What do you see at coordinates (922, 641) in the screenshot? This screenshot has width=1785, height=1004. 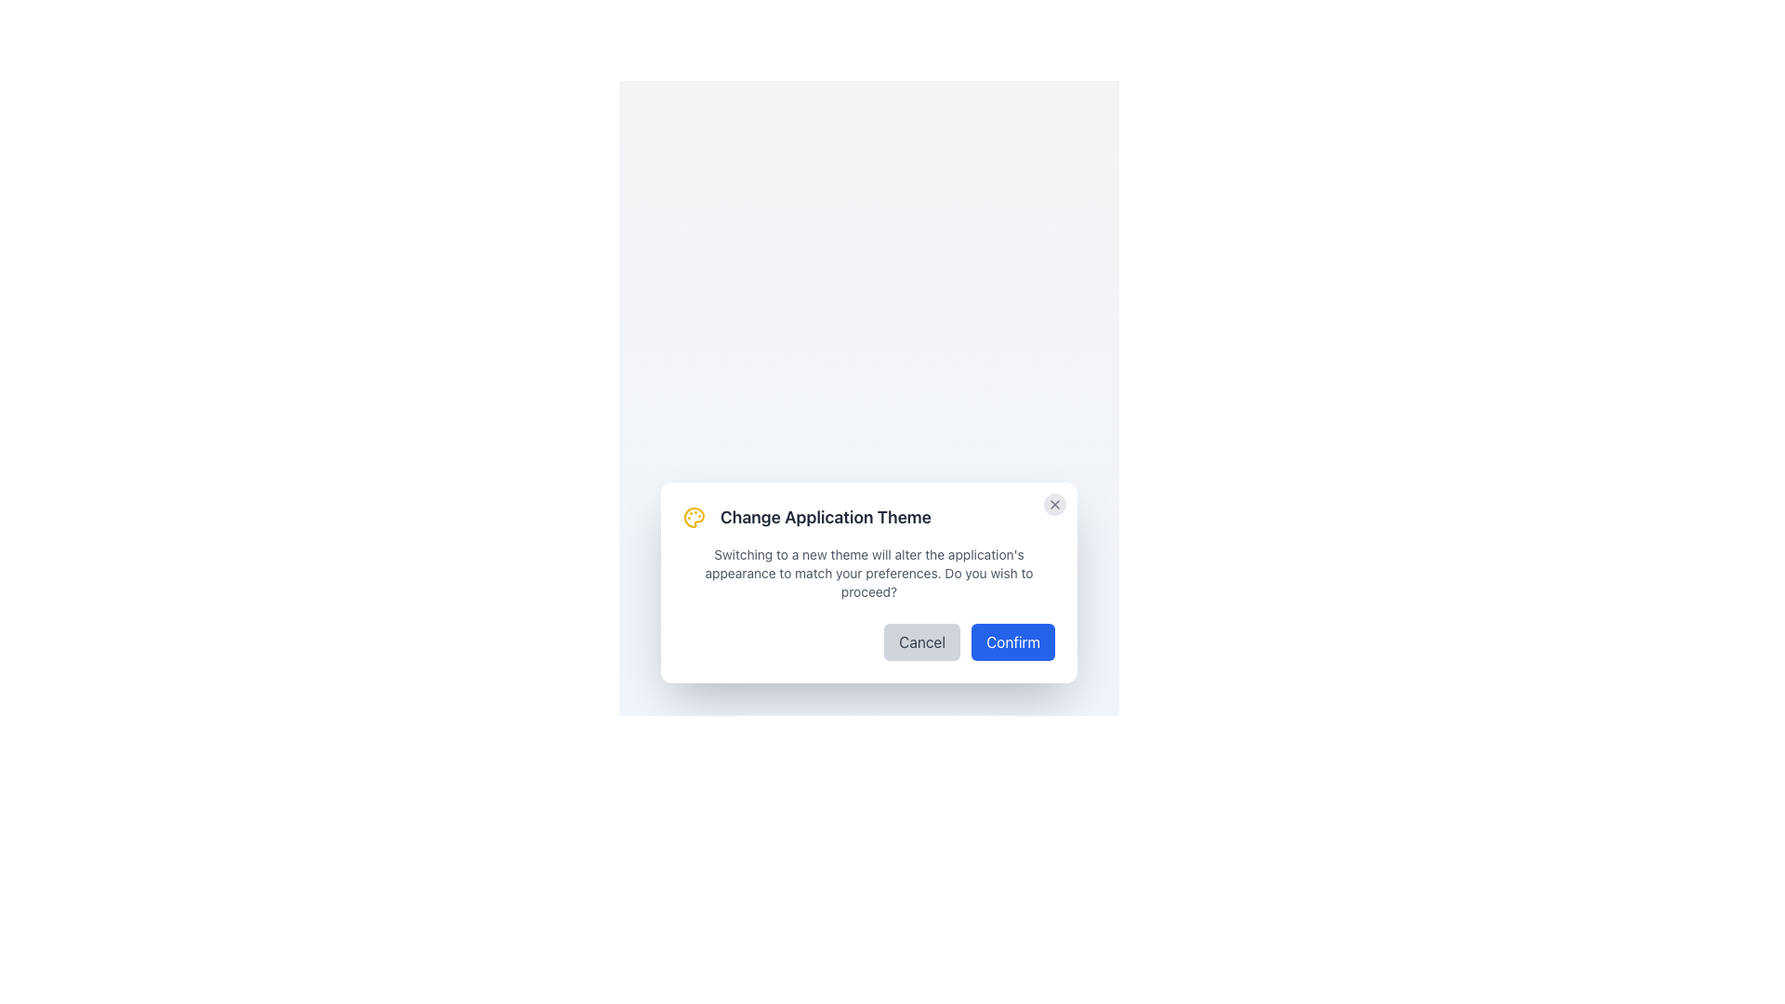 I see `the 'Cancel' button, which is a light gray rectangular button with rounded corners located at the bottom left of the dialog box` at bounding box center [922, 641].